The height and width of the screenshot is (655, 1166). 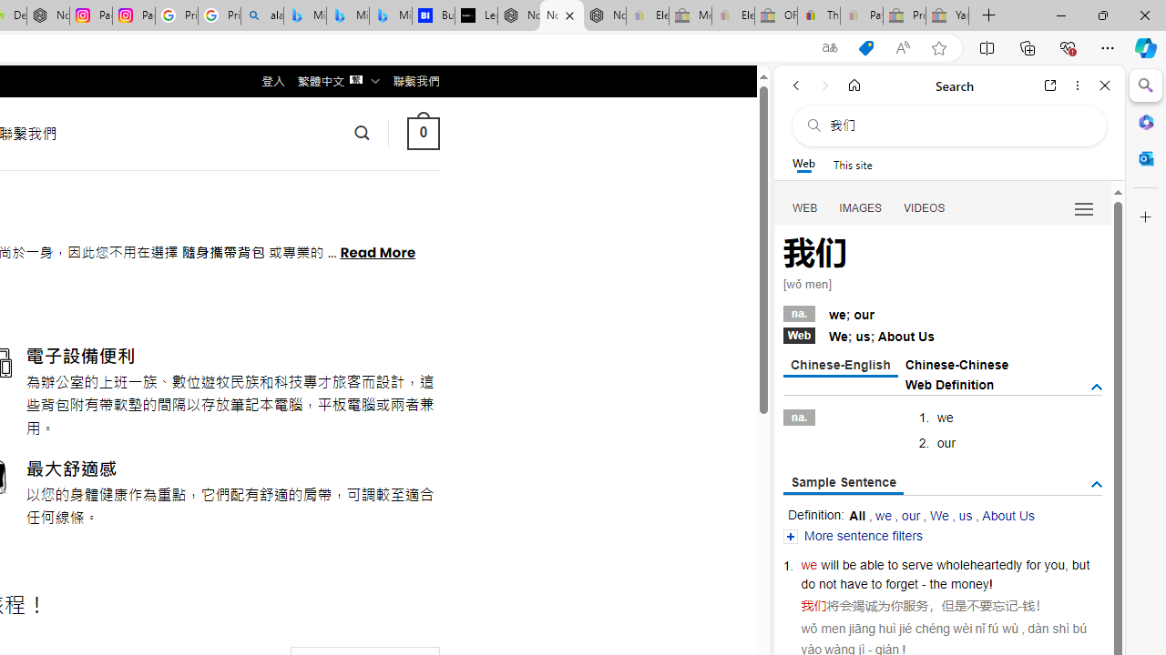 I want to click on 'Chinese-Chinese', so click(x=956, y=365).